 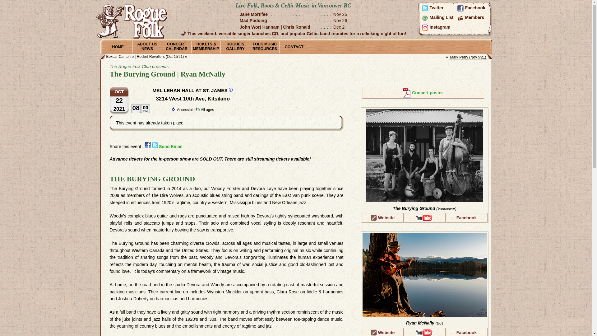 What do you see at coordinates (147, 47) in the screenshot?
I see `'ABOUT US NEWS'` at bounding box center [147, 47].